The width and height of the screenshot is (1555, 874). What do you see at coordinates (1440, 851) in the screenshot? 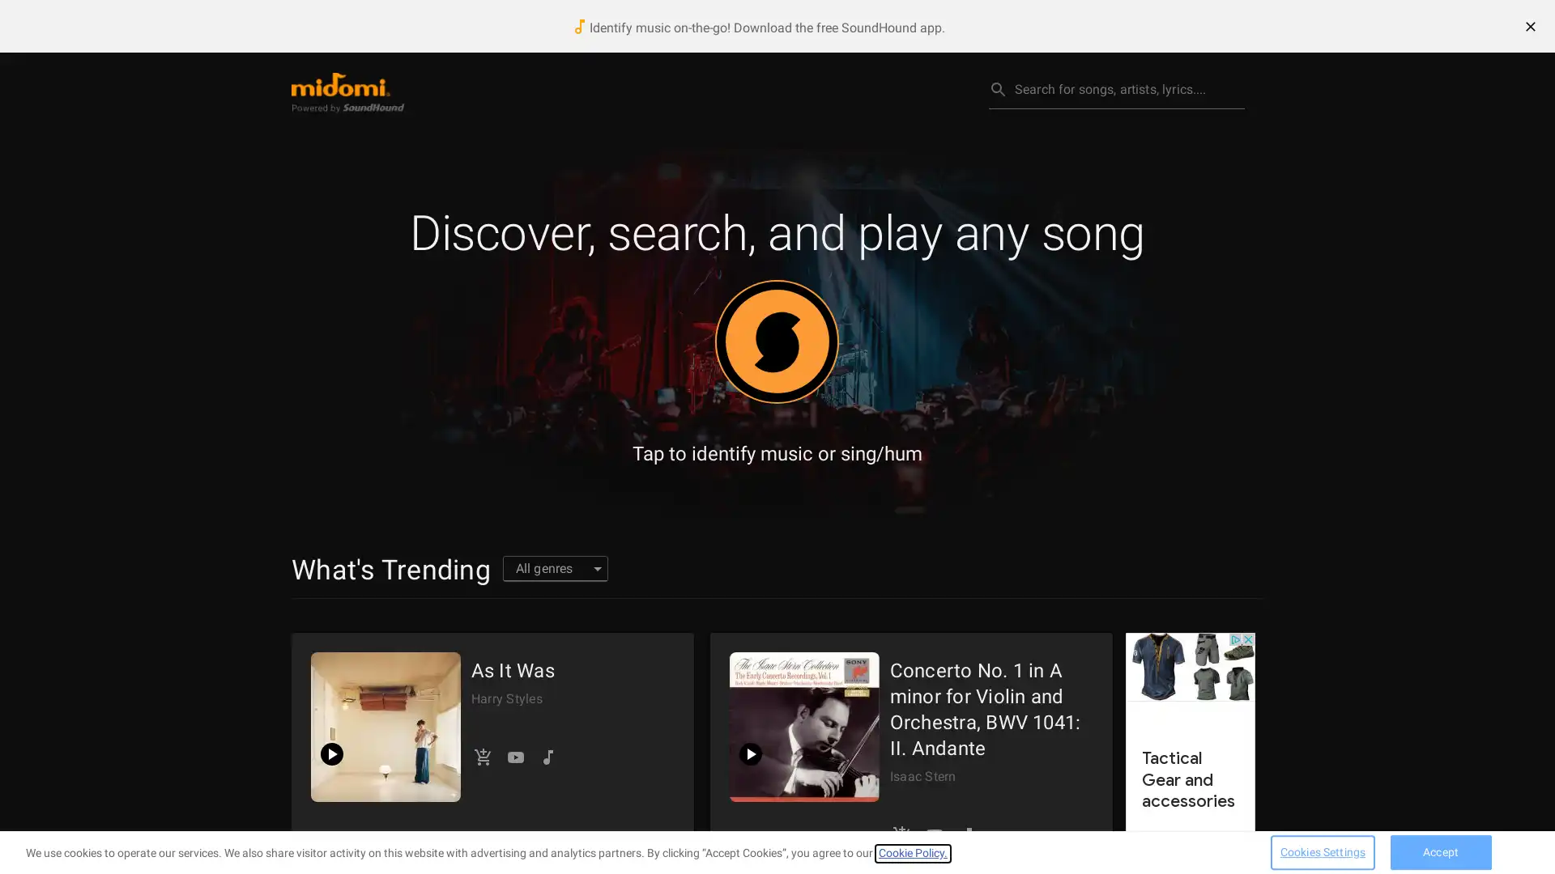
I see `Accept` at bounding box center [1440, 851].